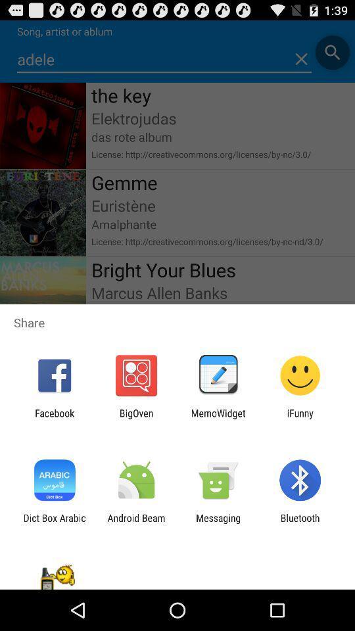 The width and height of the screenshot is (355, 631). What do you see at coordinates (135, 418) in the screenshot?
I see `bigoven app` at bounding box center [135, 418].